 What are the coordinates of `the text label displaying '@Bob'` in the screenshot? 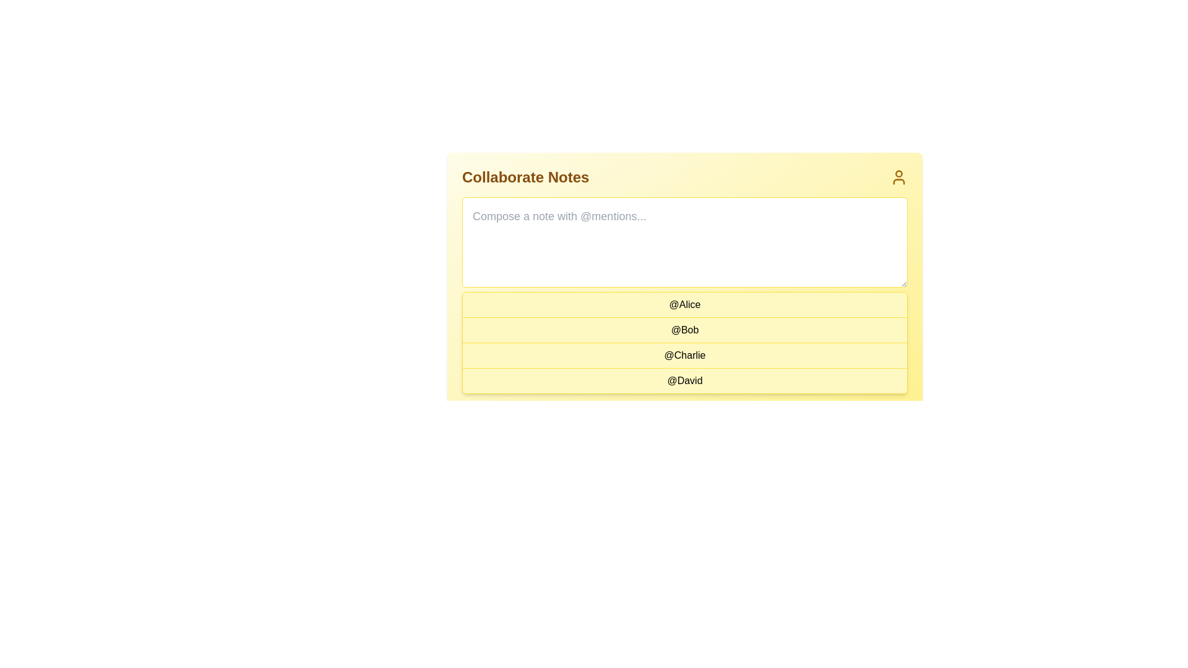 It's located at (684, 329).